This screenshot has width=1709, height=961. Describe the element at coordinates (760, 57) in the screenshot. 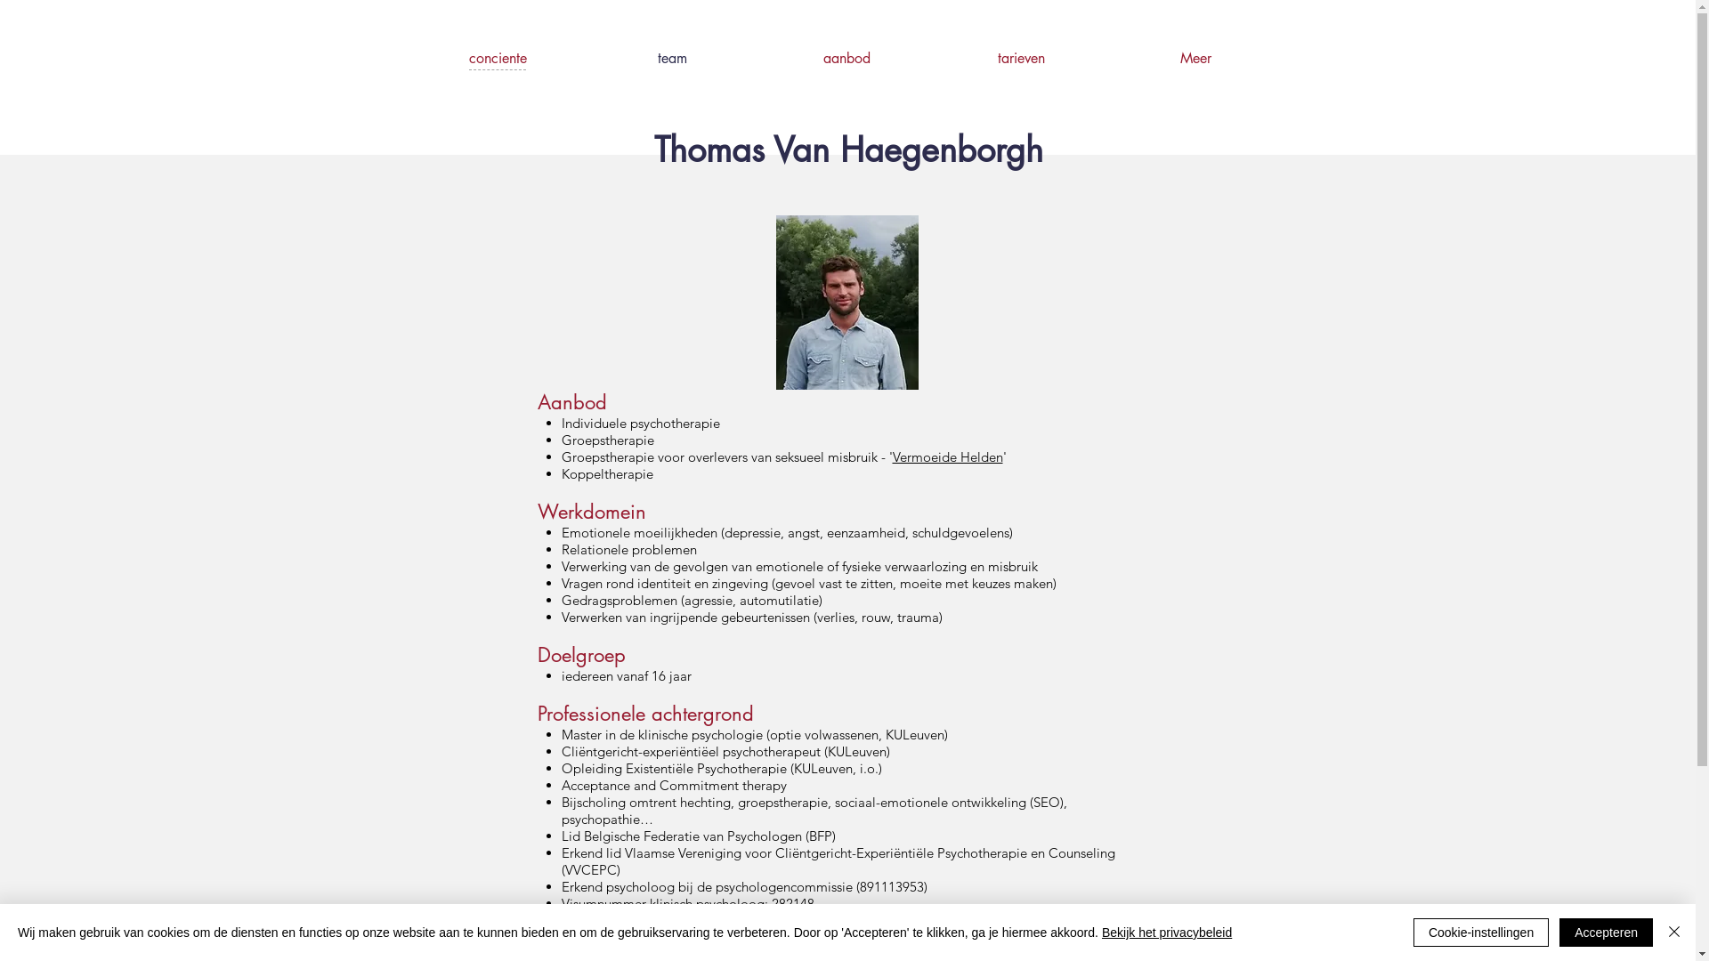

I see `'aanbod'` at that location.